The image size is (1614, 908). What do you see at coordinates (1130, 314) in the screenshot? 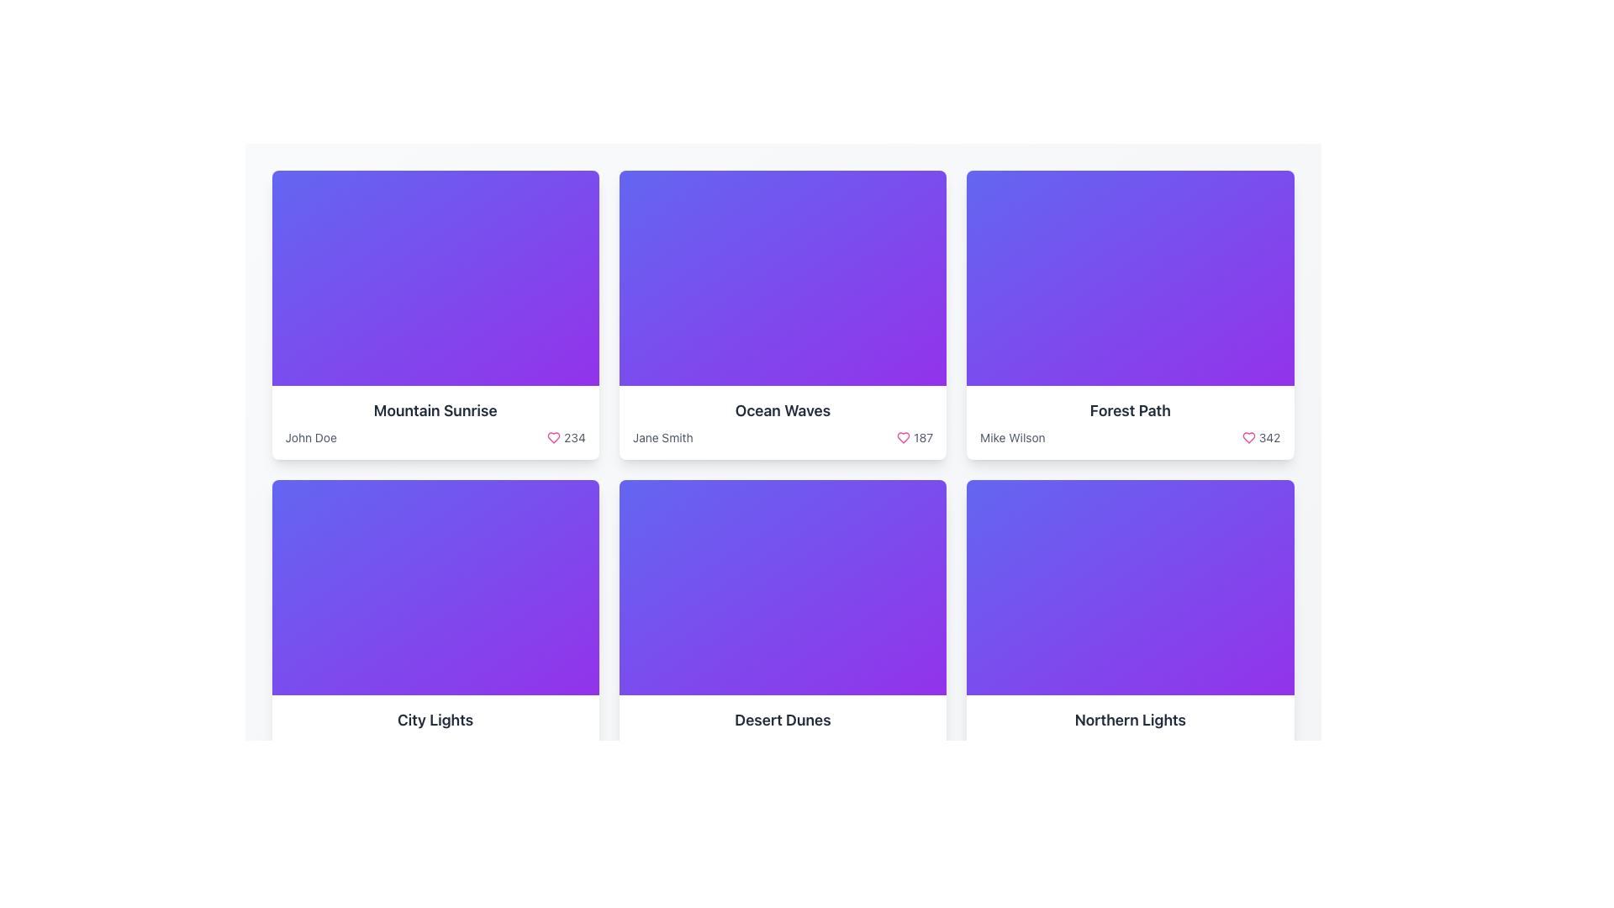
I see `the Card element displaying information in the top right corner of the gallery, which is the third card in the first row, to scale it up` at bounding box center [1130, 314].